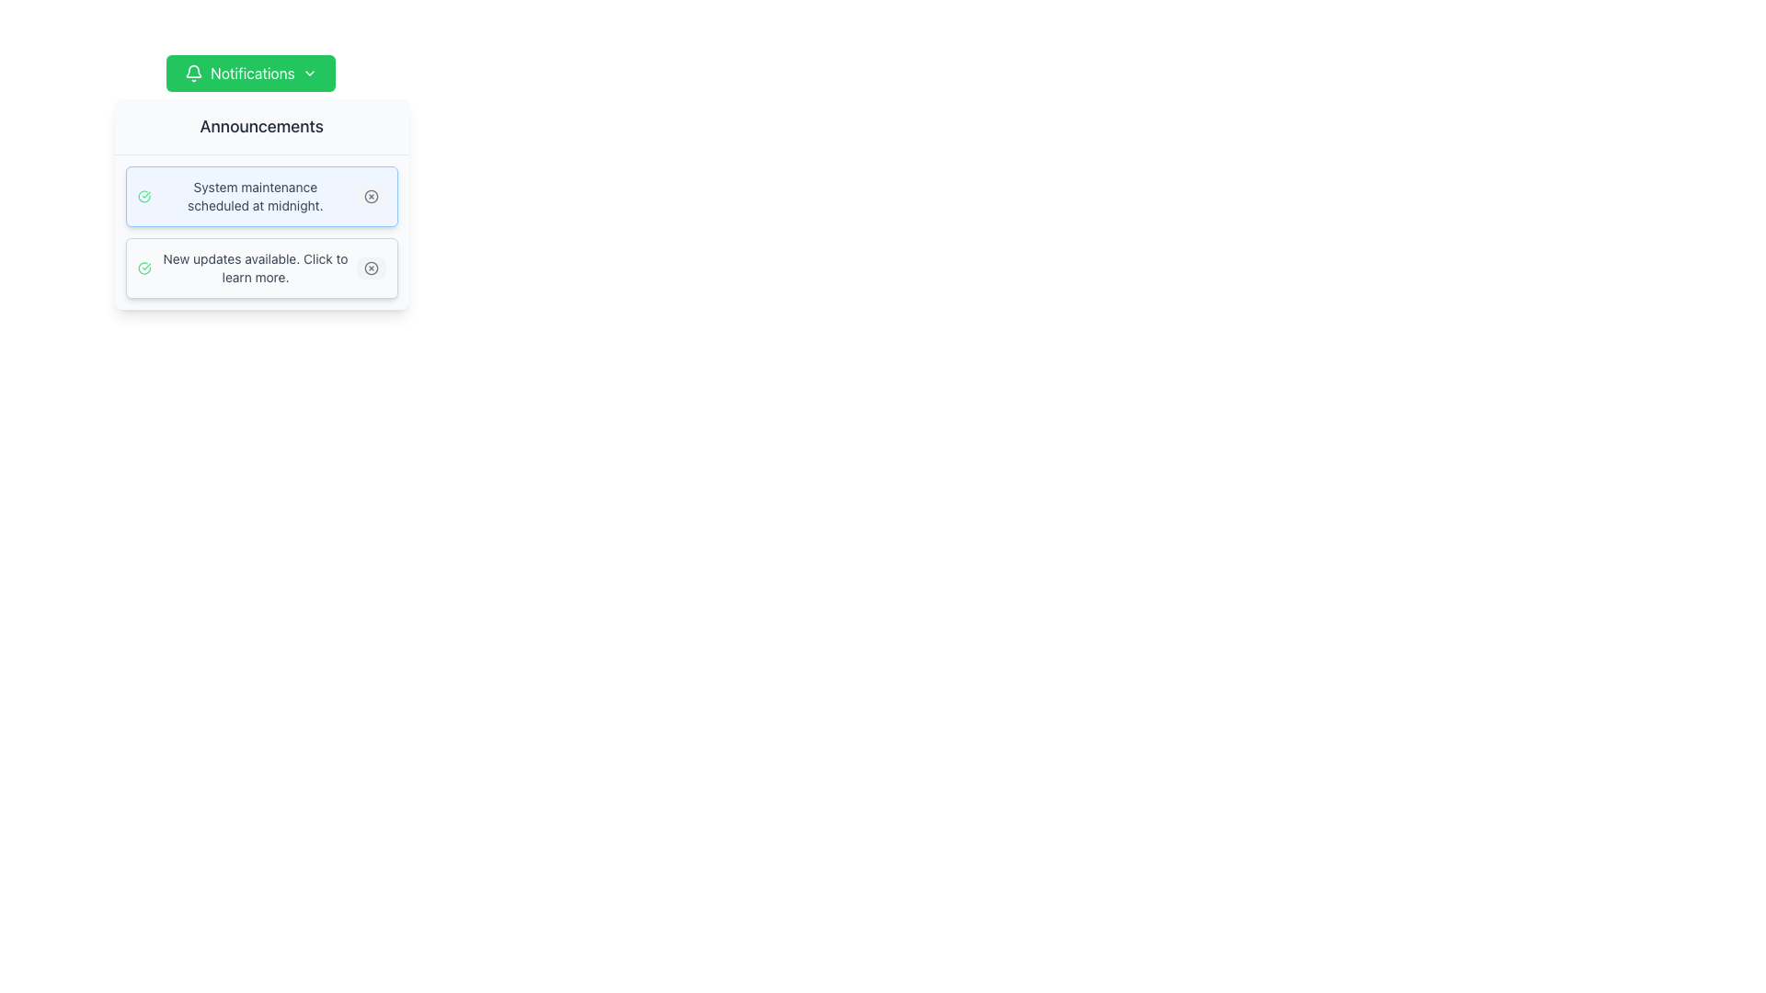 The image size is (1766, 993). I want to click on the first icon (green checkmark) in the second row of the notification card stating 'New updates available. Click to learn more.' located below the 'Announcements' heading in the notifications drop-down interface, so click(143, 268).